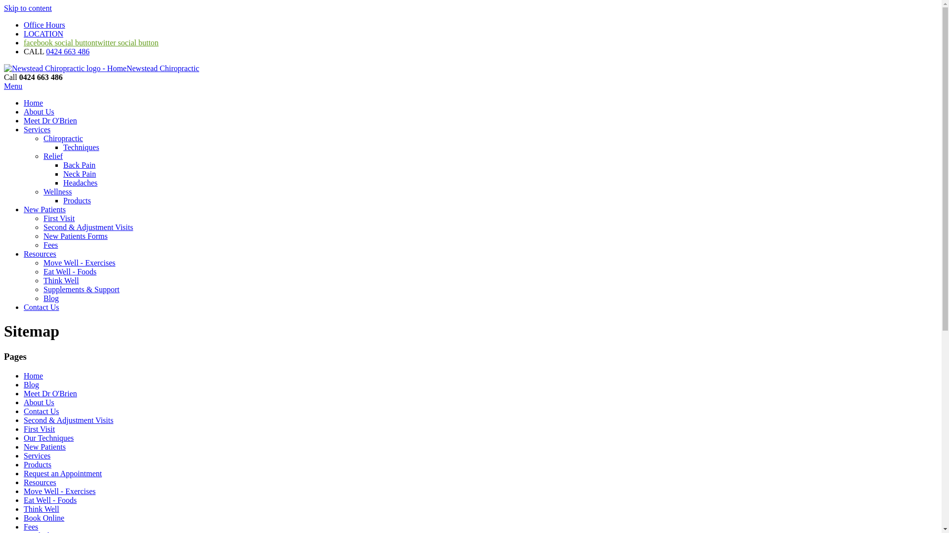 This screenshot has height=533, width=949. What do you see at coordinates (59, 42) in the screenshot?
I see `'facebook social button'` at bounding box center [59, 42].